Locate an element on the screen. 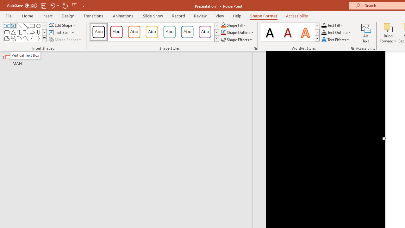  'Fill: Black, Text color 1; Shadow' is located at coordinates (270, 32).